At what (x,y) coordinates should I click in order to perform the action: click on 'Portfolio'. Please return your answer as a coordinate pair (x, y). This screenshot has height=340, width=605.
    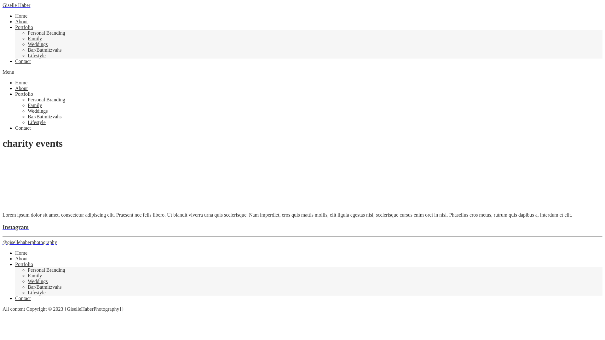
    Looking at the image, I should click on (24, 27).